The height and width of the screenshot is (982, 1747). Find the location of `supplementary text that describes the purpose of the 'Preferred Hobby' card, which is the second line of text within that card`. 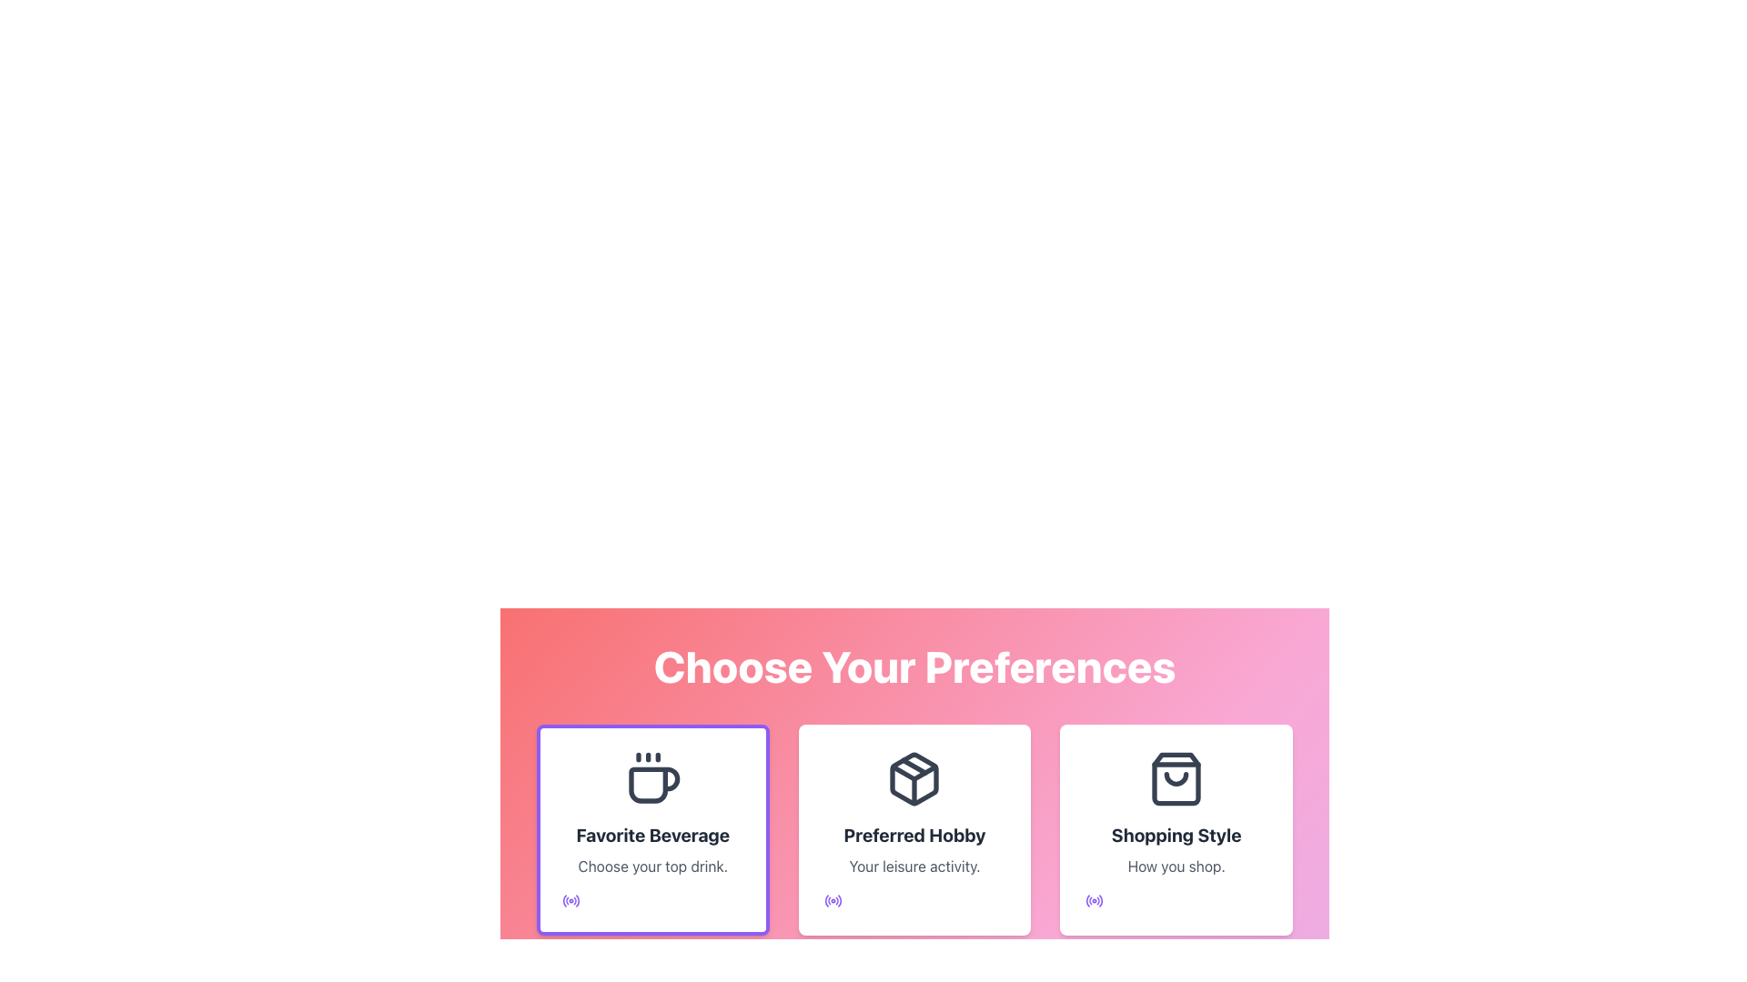

supplementary text that describes the purpose of the 'Preferred Hobby' card, which is the second line of text within that card is located at coordinates (914, 865).